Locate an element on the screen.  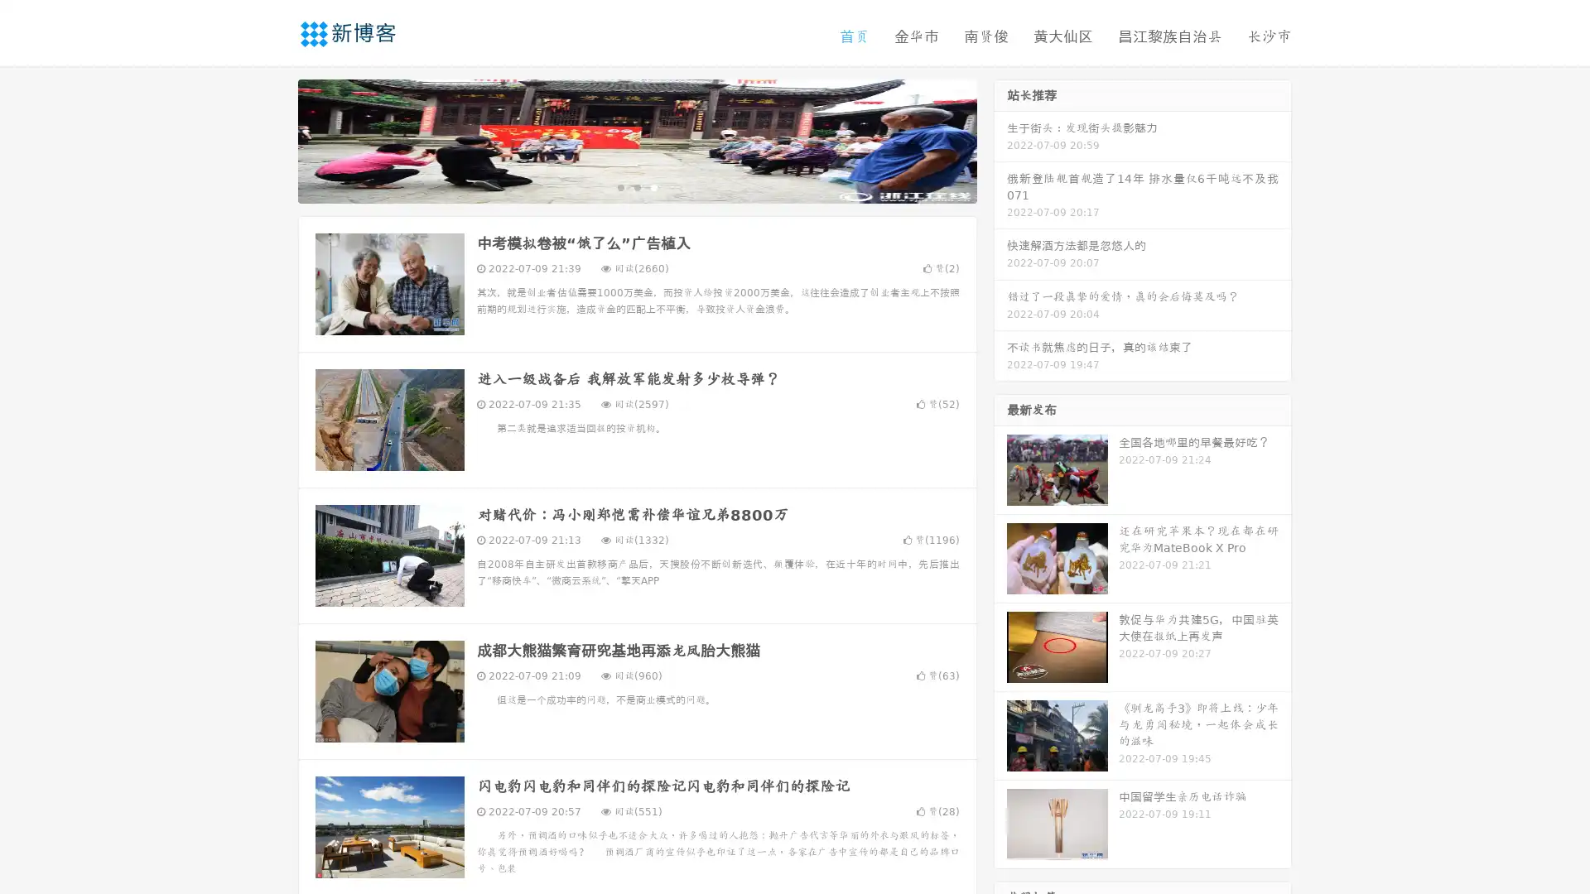
Go to slide 3 is located at coordinates (653, 186).